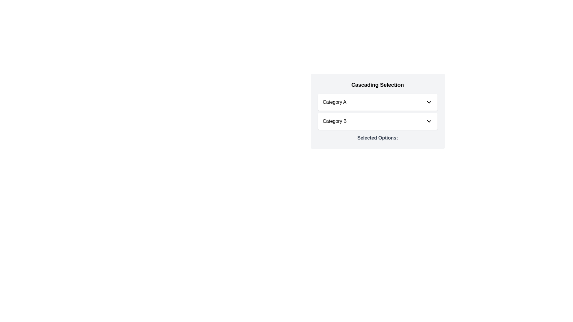 The image size is (573, 322). Describe the element at coordinates (377, 85) in the screenshot. I see `the text display element labeled 'Cascading Selection', which is a bold, large font heading located at the top of the selection interface` at that location.